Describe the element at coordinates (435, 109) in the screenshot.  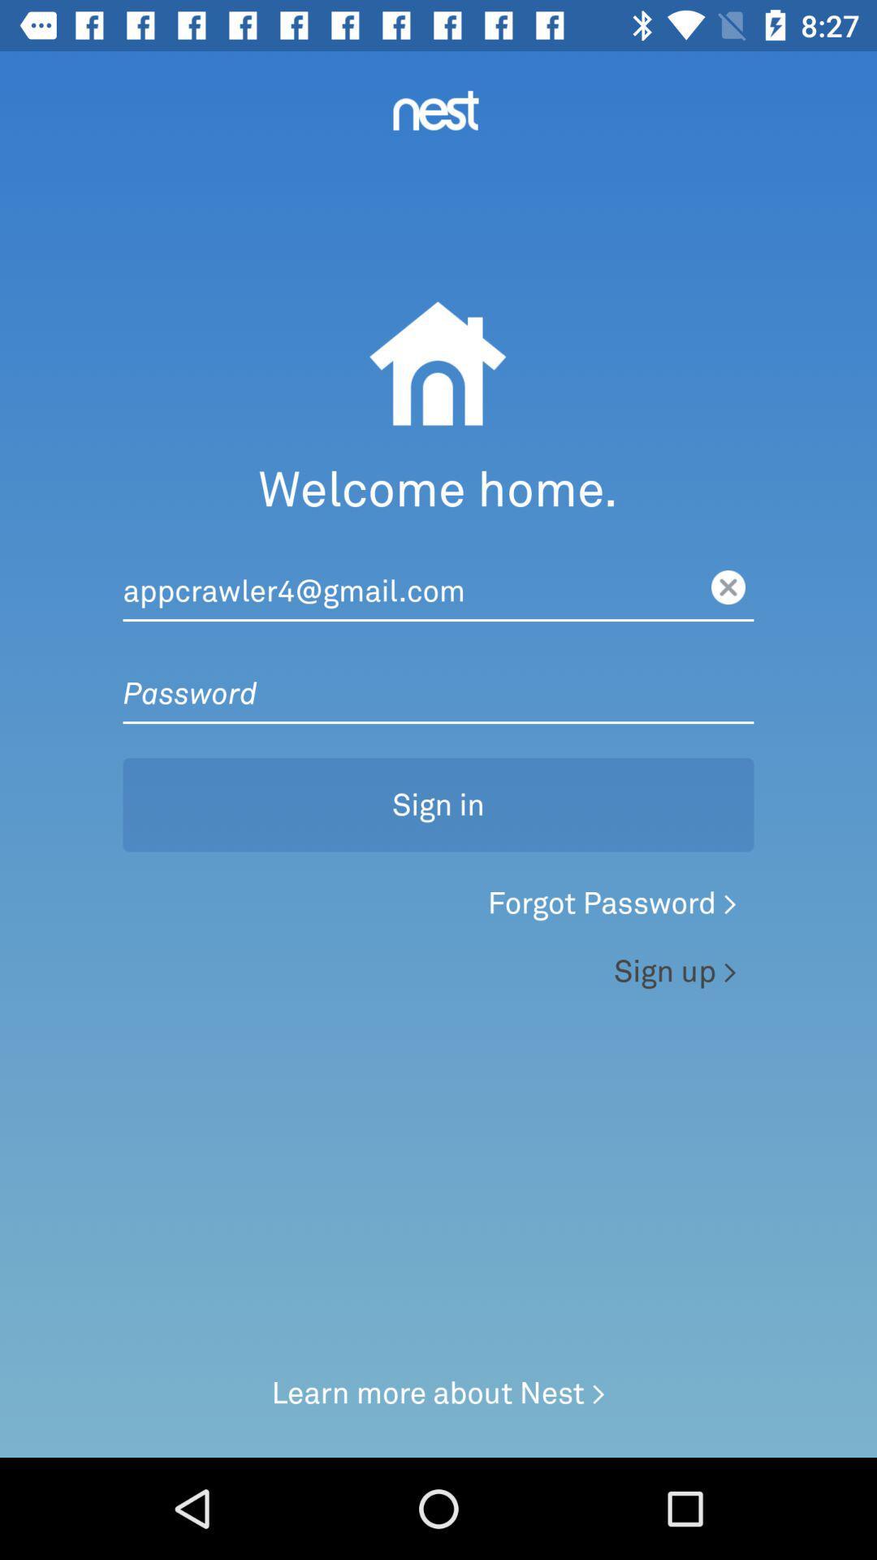
I see `nest` at that location.